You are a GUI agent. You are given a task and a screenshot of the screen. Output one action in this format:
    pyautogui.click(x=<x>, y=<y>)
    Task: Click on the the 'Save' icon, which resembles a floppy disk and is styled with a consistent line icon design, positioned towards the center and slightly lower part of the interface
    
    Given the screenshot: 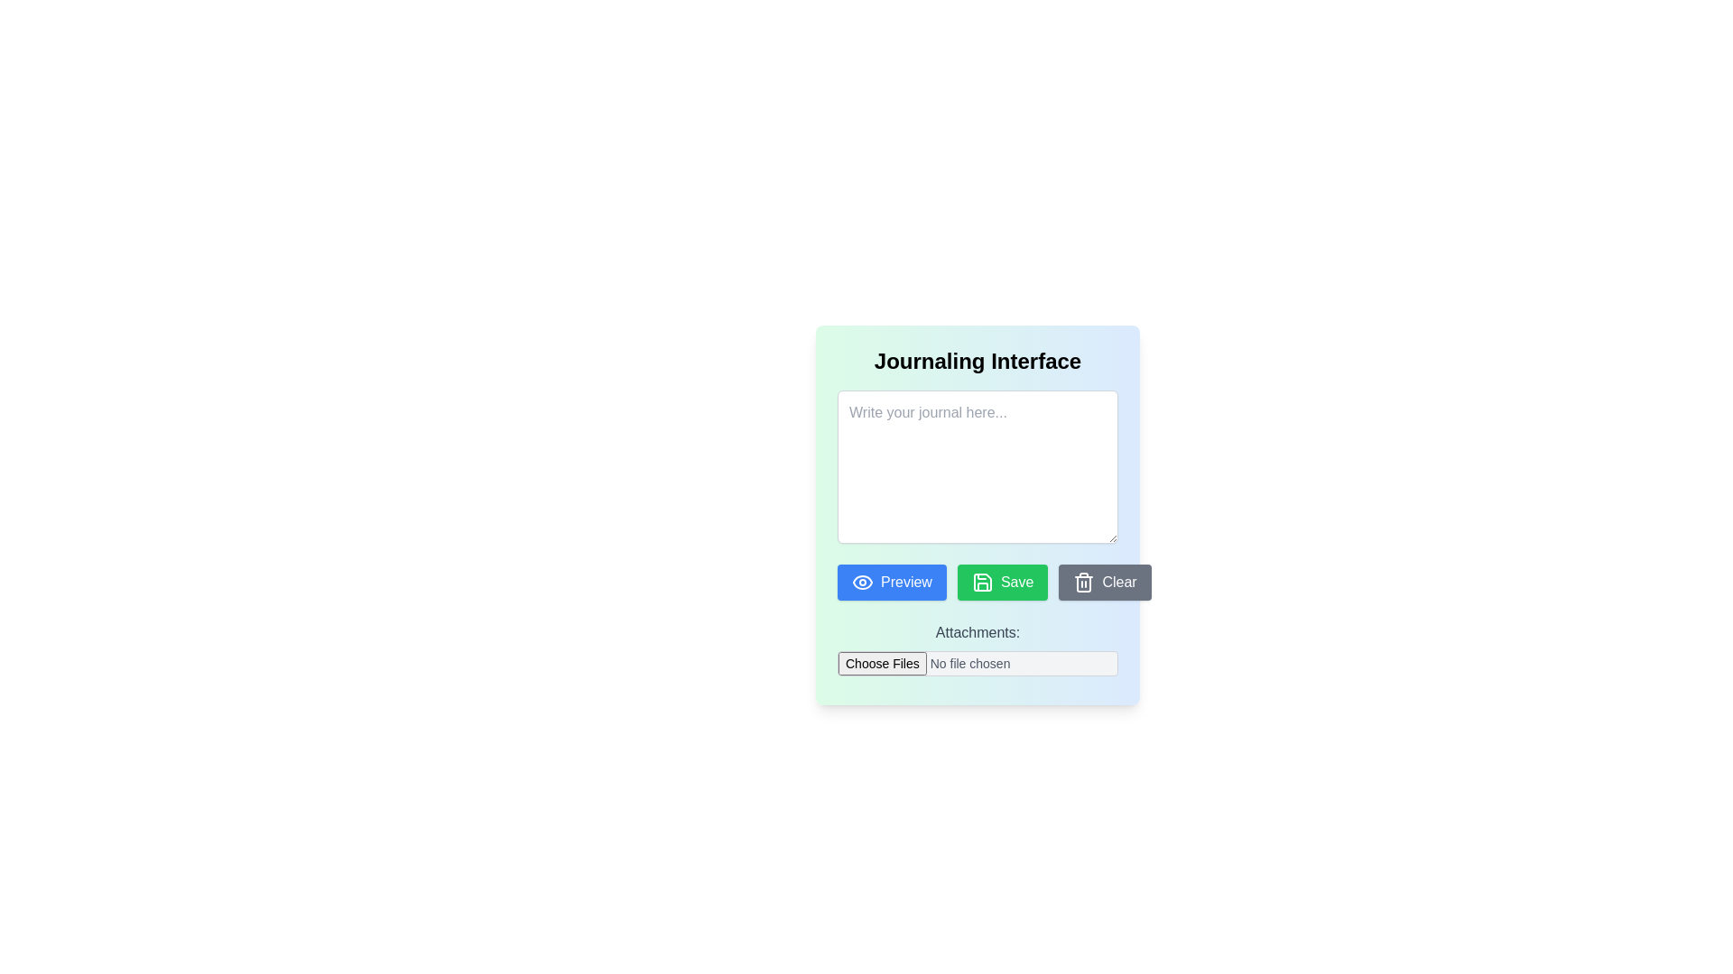 What is the action you would take?
    pyautogui.click(x=981, y=582)
    